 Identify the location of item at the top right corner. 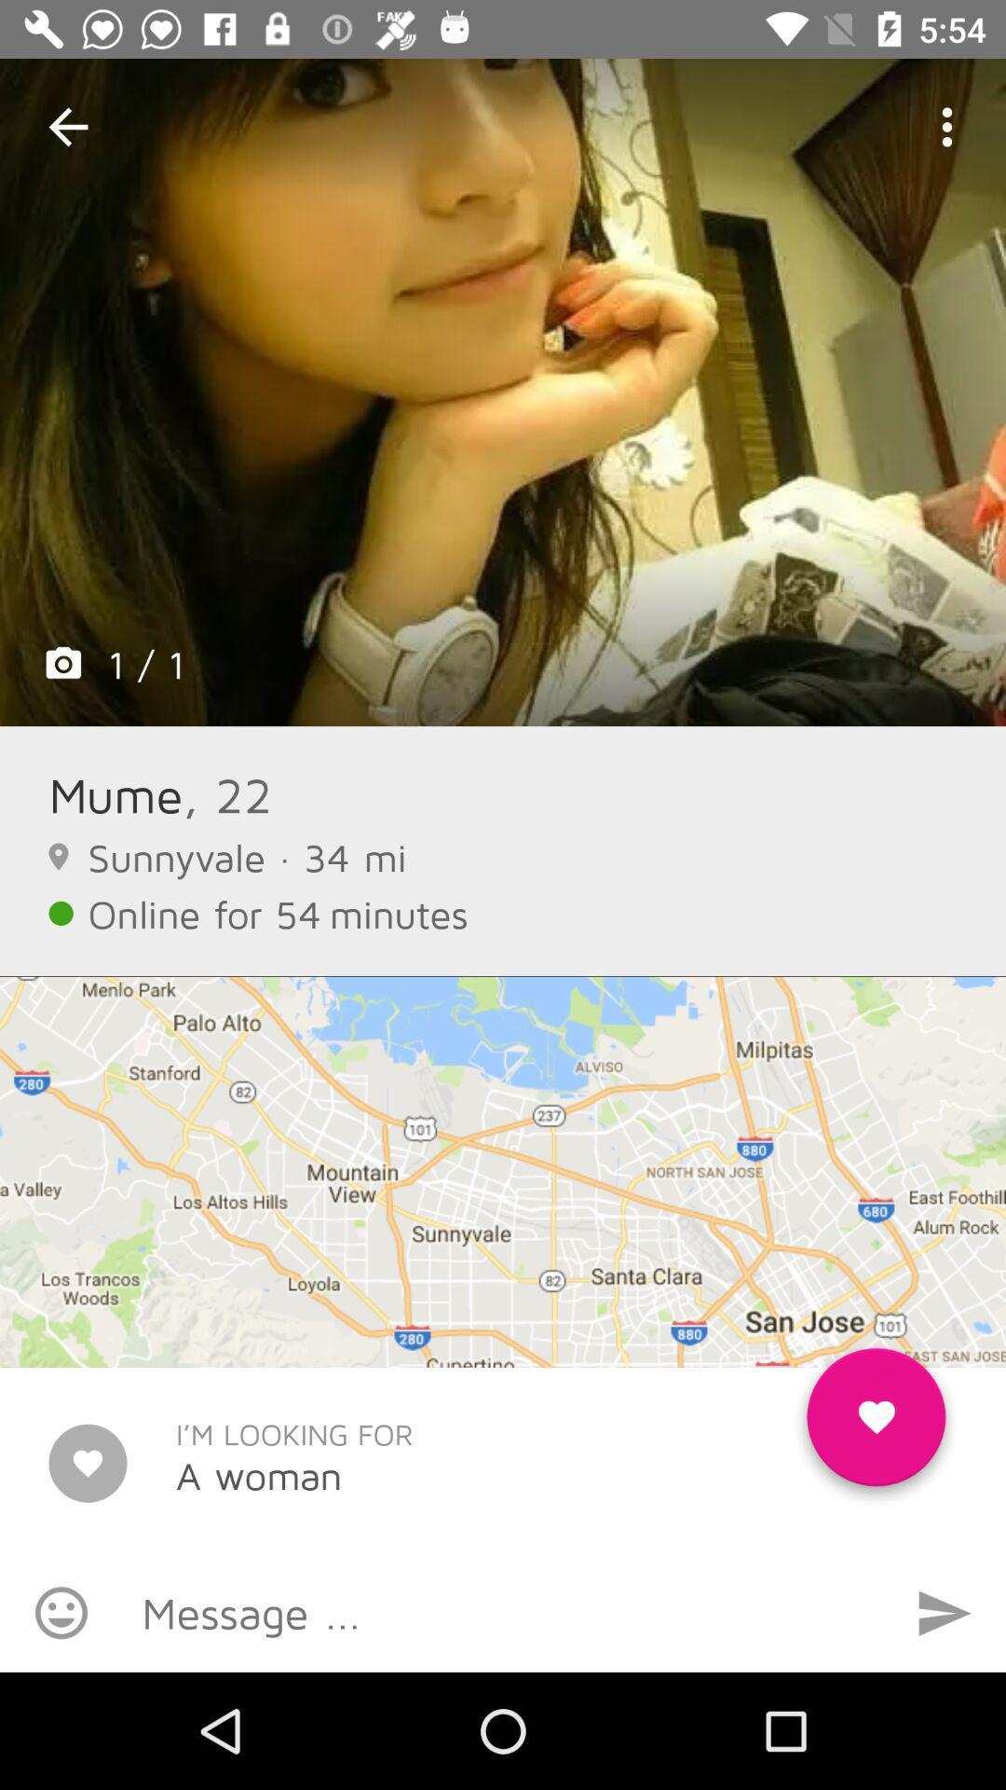
(947, 126).